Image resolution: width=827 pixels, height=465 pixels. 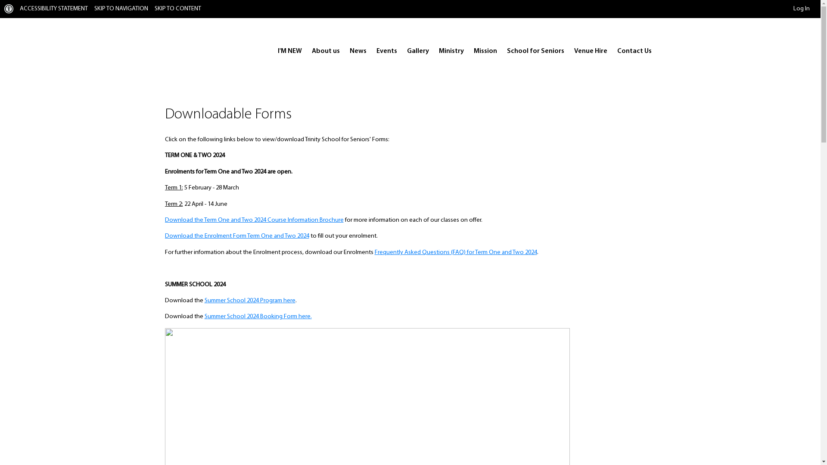 What do you see at coordinates (289, 51) in the screenshot?
I see `'I'M NEW'` at bounding box center [289, 51].